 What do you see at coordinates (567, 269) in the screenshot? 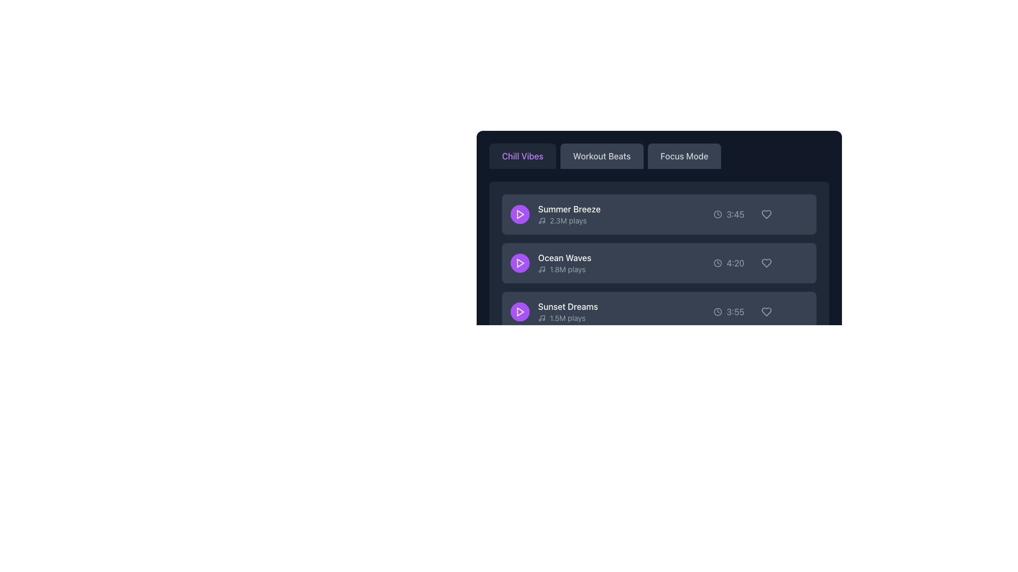
I see `text label displaying '1.8M plays' that is located next to the music icon in the second item of the music list titled 'Ocean Waves'` at bounding box center [567, 269].